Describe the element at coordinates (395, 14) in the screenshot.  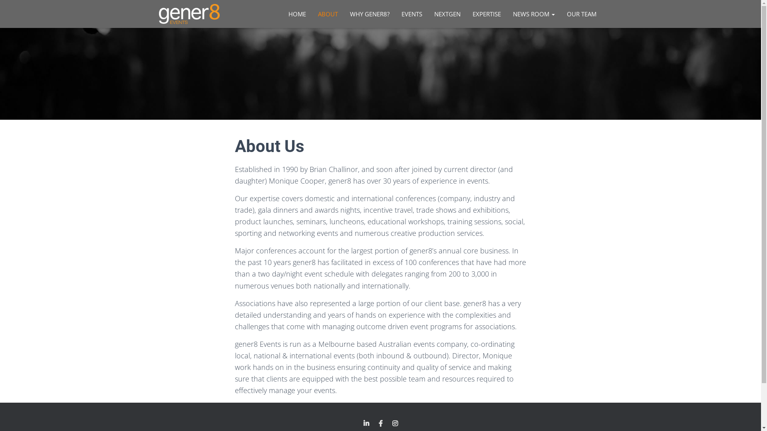
I see `'EVENTS'` at that location.